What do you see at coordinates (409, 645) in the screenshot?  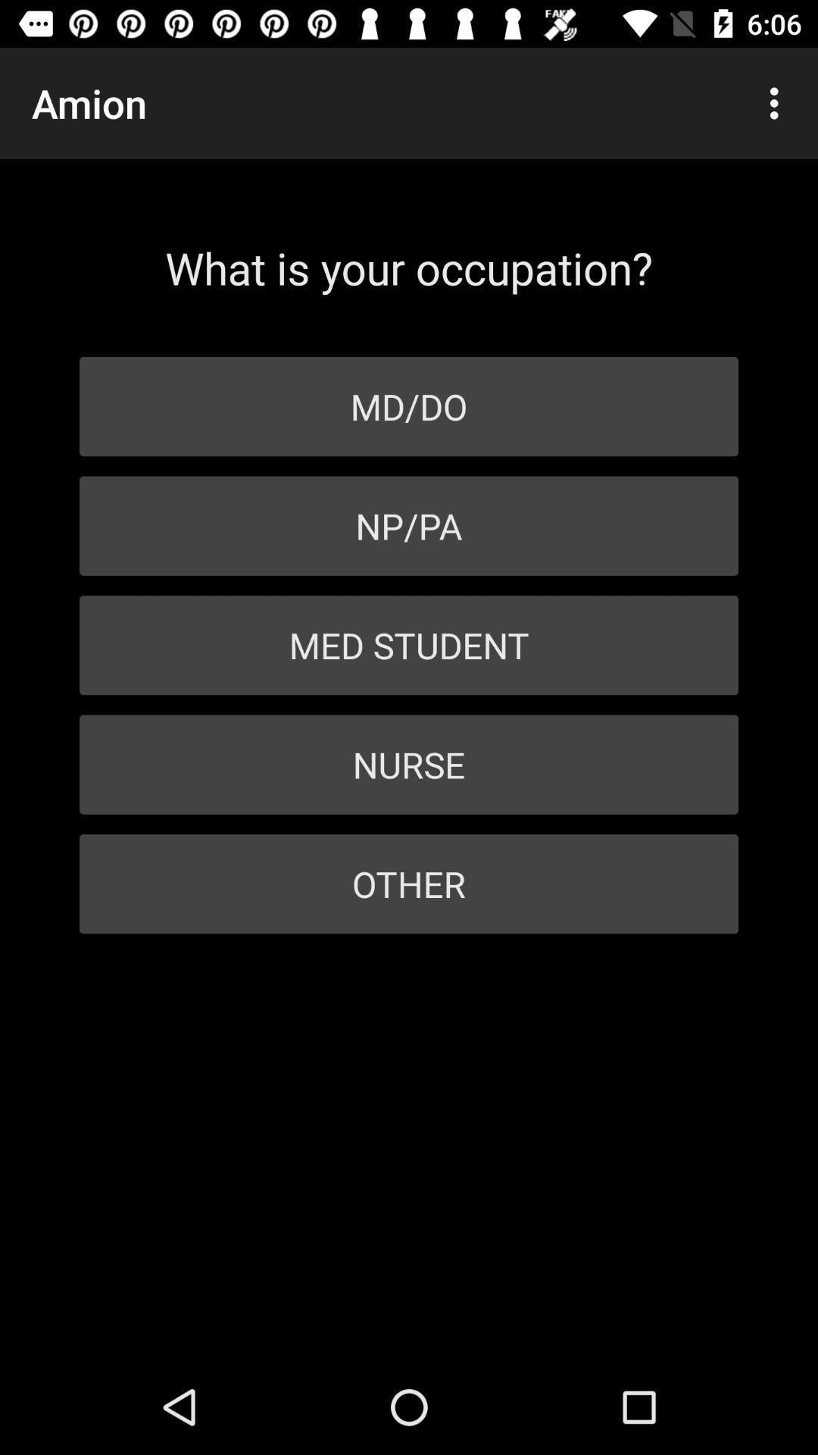 I see `the item above the nurse` at bounding box center [409, 645].